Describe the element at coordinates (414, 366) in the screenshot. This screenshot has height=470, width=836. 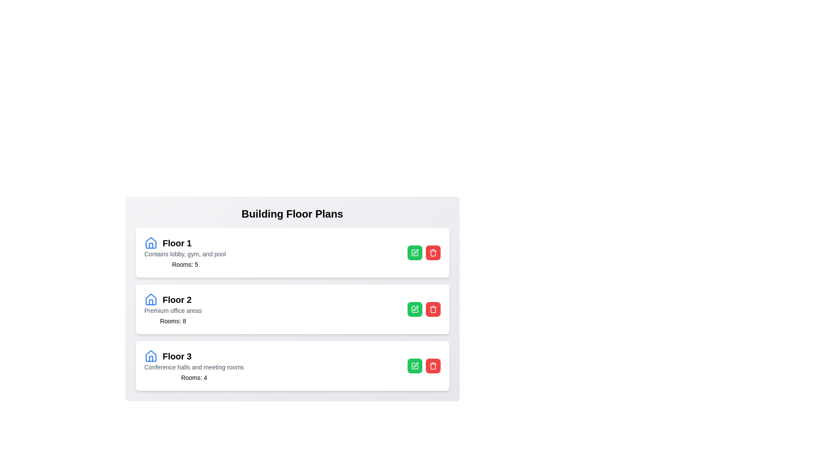
I see `the edit button for Floor 3` at that location.